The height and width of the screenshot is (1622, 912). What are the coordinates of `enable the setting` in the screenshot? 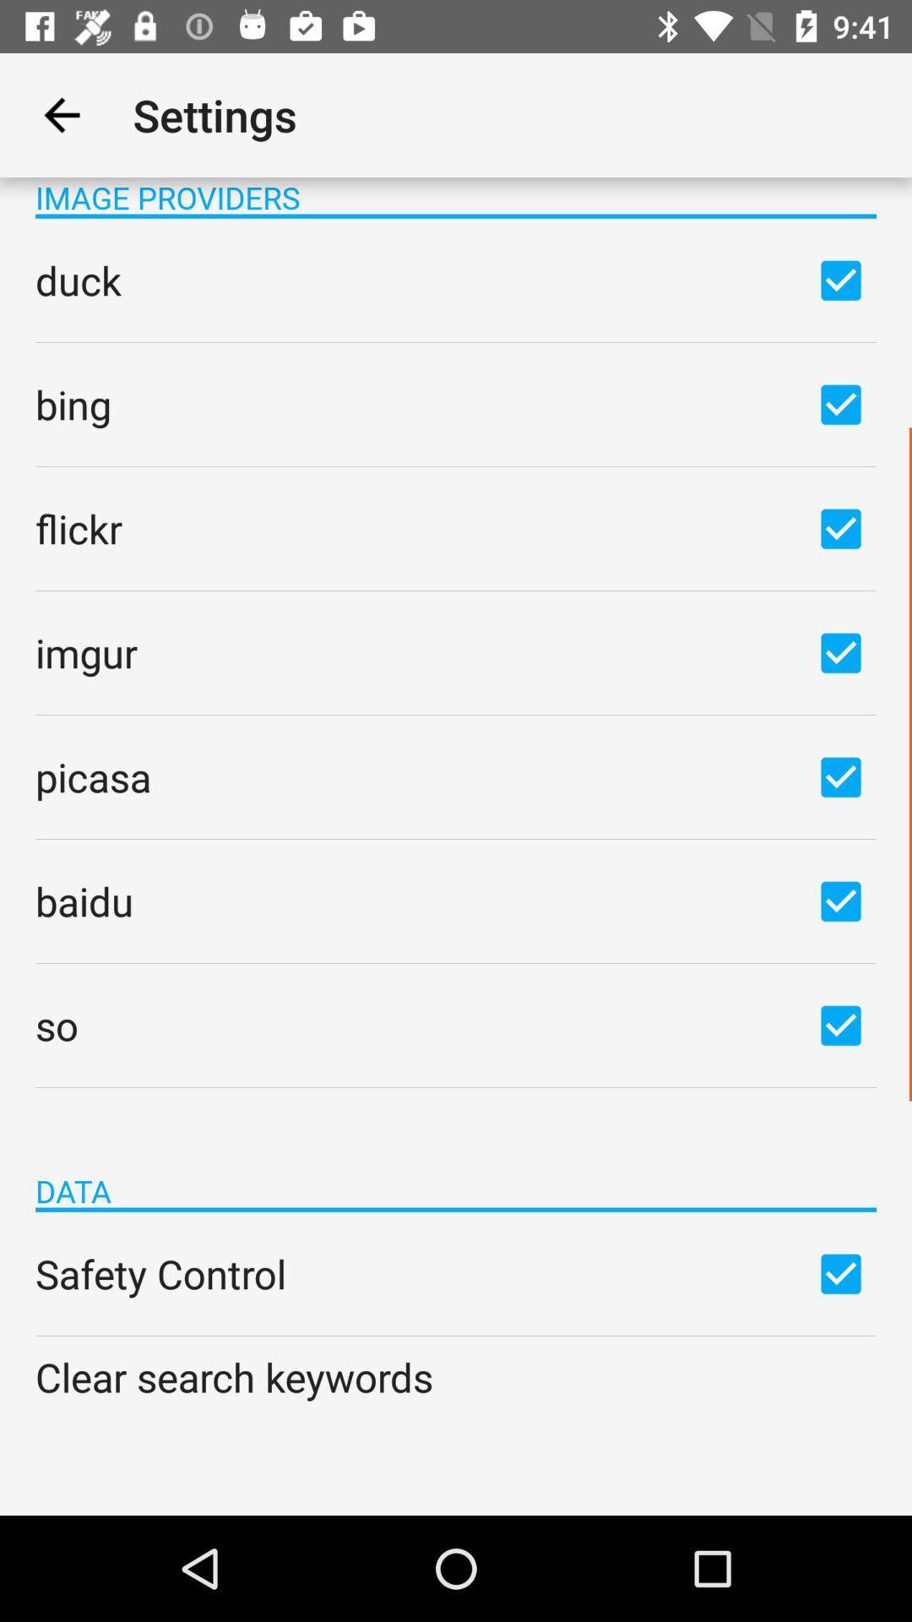 It's located at (840, 1273).